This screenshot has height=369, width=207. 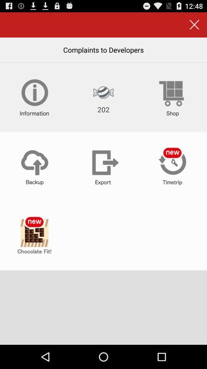 I want to click on information, so click(x=34, y=97).